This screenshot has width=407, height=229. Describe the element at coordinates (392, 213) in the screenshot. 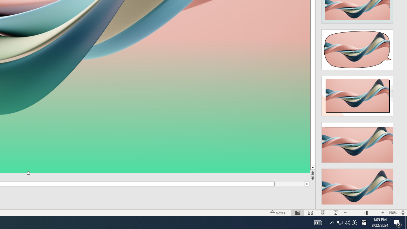

I see `'Zoom 150%'` at that location.